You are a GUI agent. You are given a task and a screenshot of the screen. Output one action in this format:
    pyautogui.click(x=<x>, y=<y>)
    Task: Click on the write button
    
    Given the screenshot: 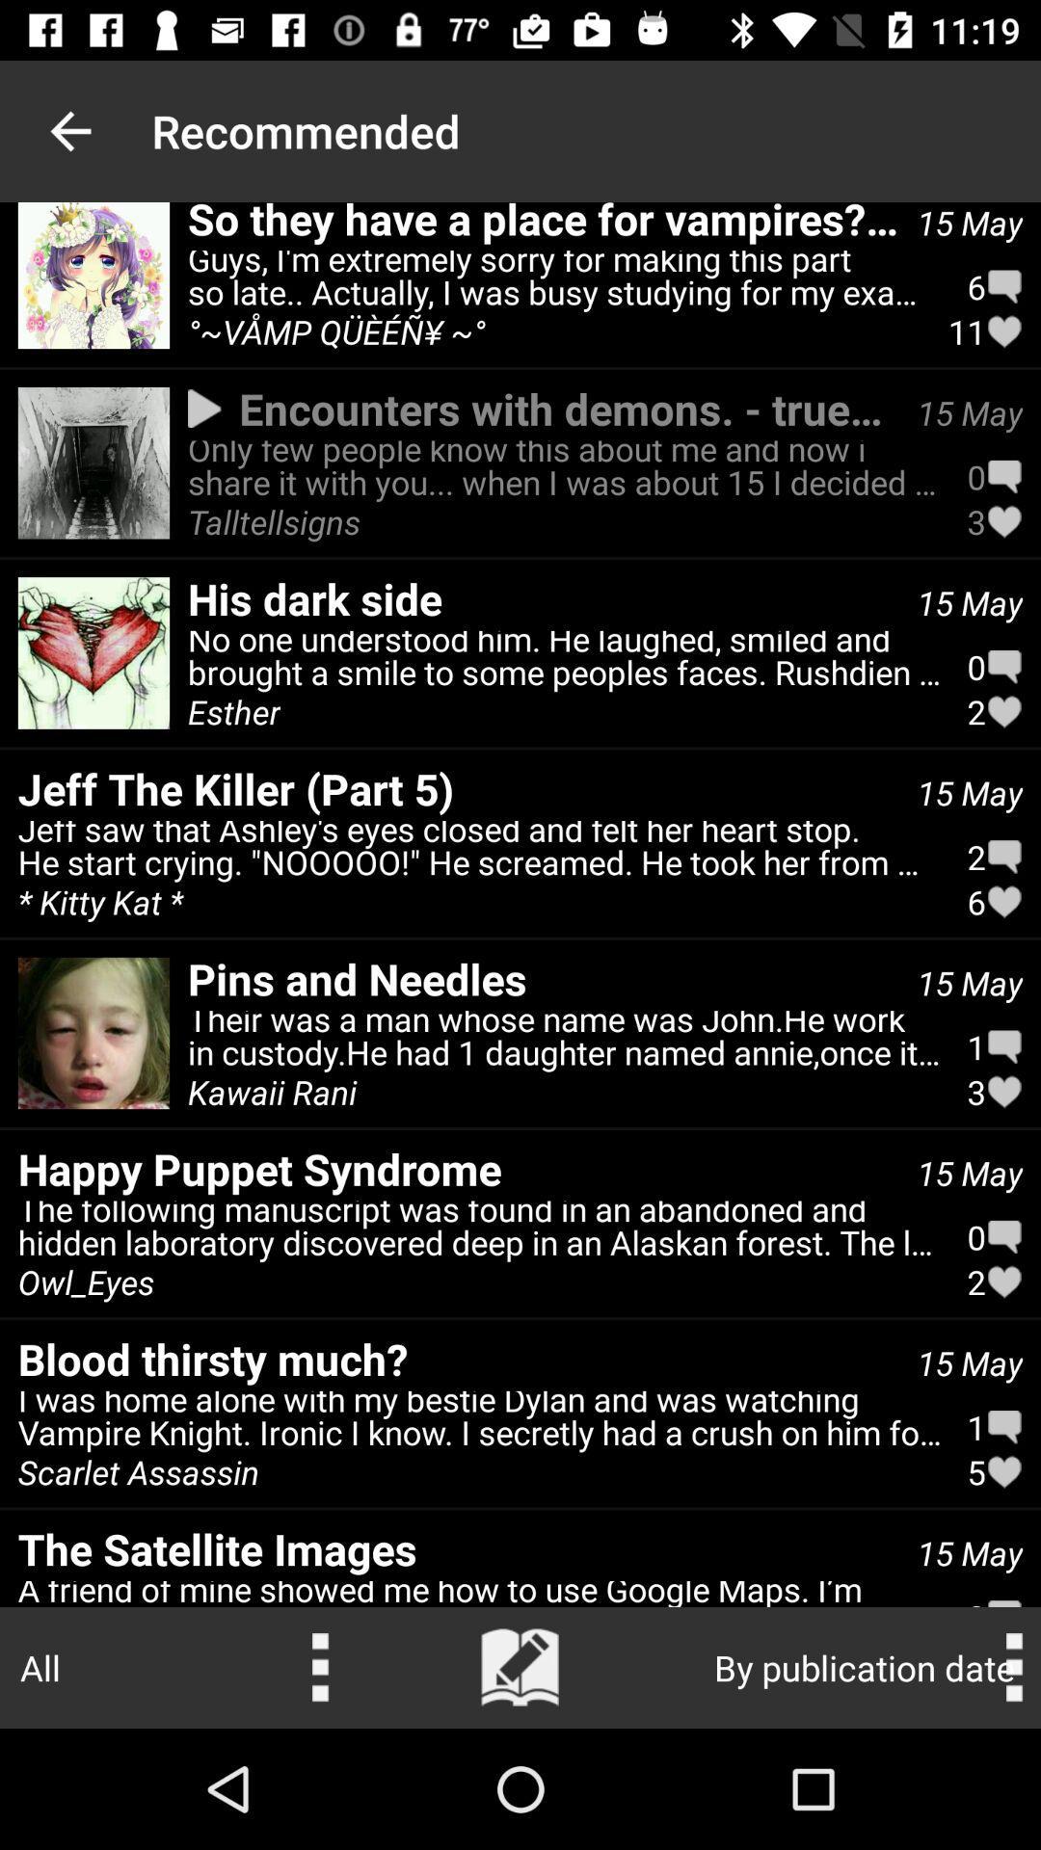 What is the action you would take?
    pyautogui.click(x=520, y=1667)
    